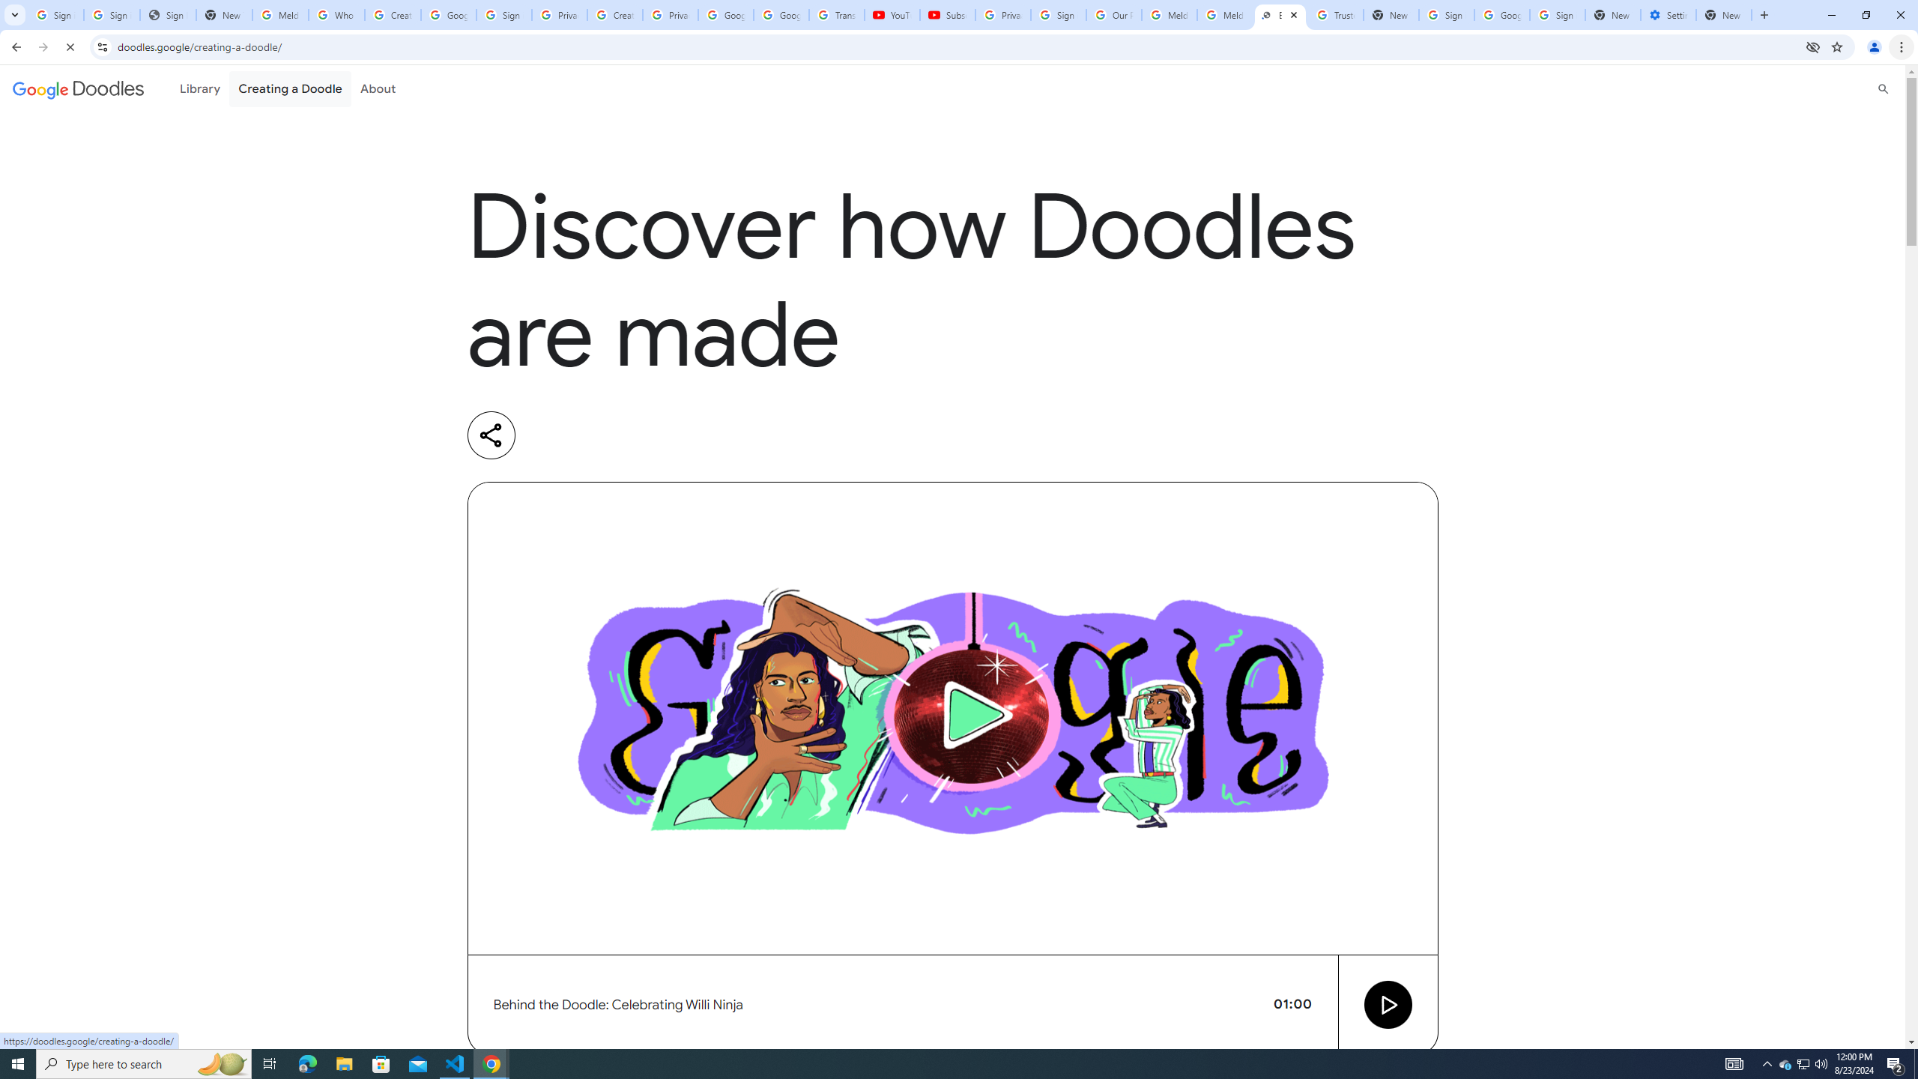  What do you see at coordinates (552, 435) in the screenshot?
I see `'Share on Linkedin'` at bounding box center [552, 435].